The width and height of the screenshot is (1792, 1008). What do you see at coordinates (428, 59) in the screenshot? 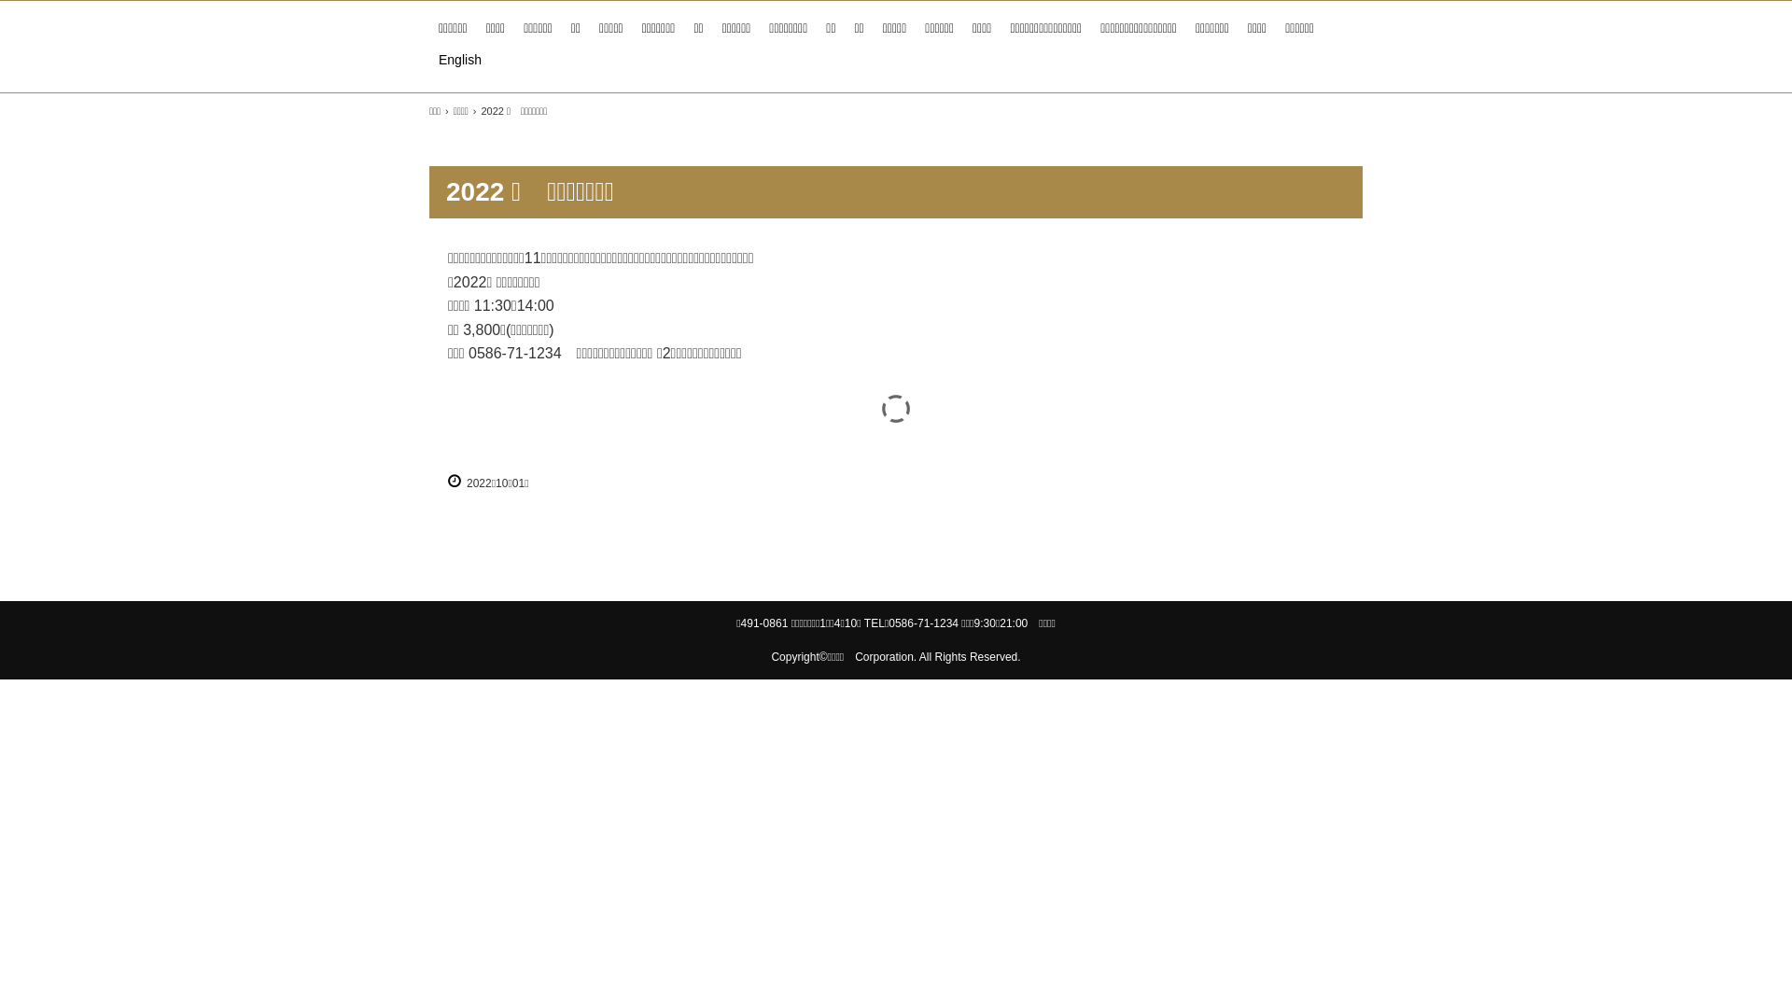
I see `'English'` at bounding box center [428, 59].